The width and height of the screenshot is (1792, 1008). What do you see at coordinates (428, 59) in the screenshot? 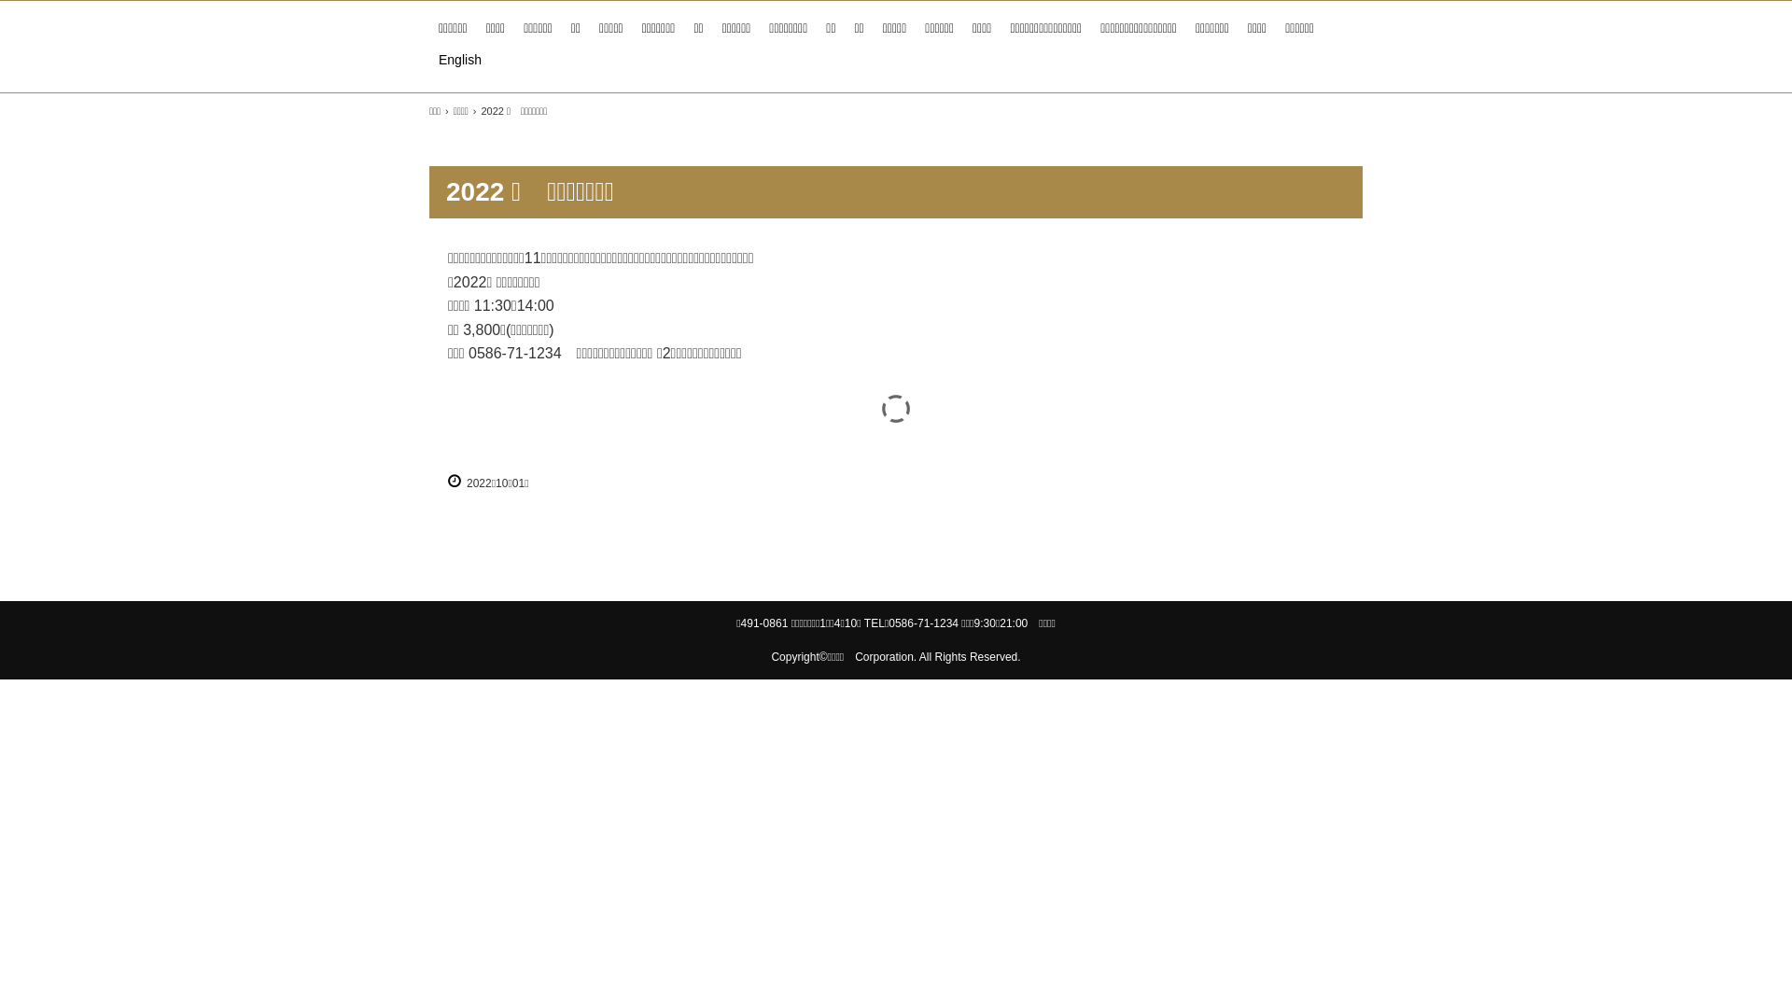
I see `'English'` at bounding box center [428, 59].